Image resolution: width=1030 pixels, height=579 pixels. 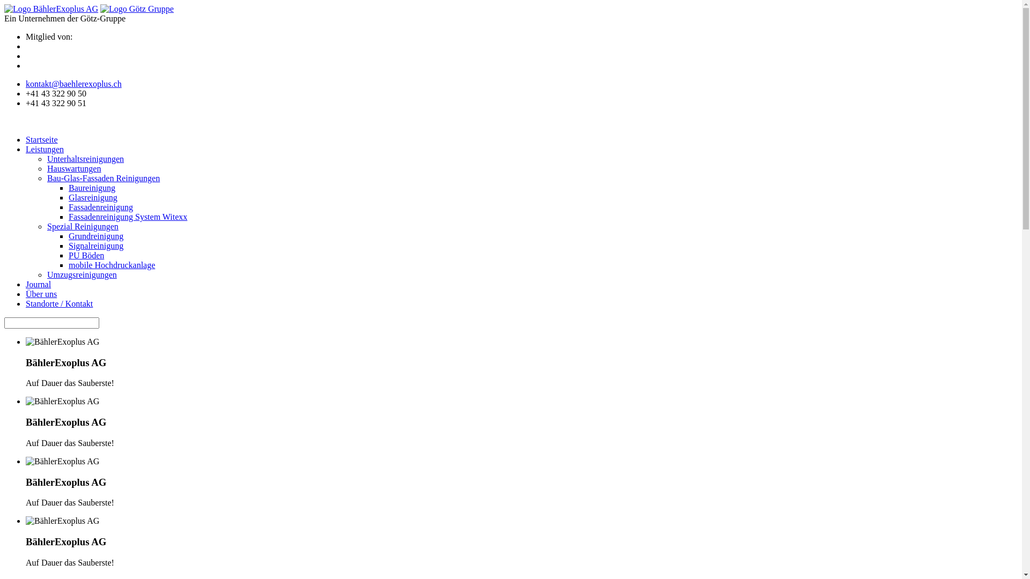 I want to click on 'mobile Hochdruckanlage', so click(x=112, y=265).